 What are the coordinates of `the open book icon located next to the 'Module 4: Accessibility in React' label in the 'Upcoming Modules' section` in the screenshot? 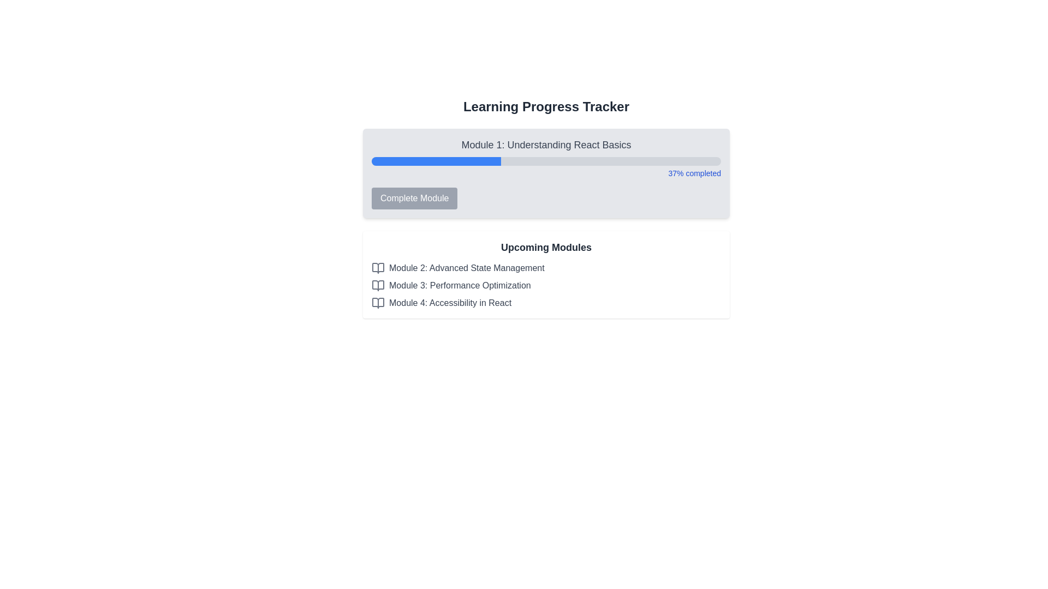 It's located at (378, 303).